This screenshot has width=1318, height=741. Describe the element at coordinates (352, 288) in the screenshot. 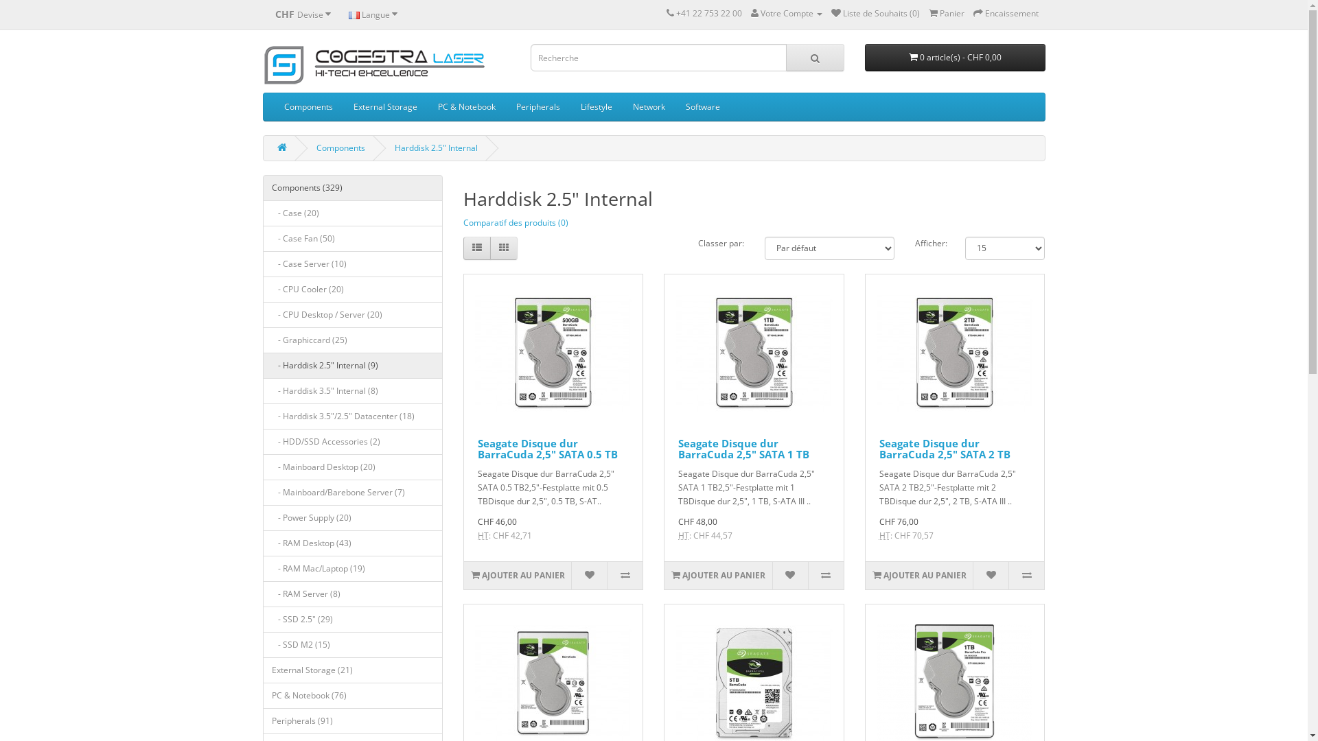

I see `'   - CPU Cooler (20)'` at that location.